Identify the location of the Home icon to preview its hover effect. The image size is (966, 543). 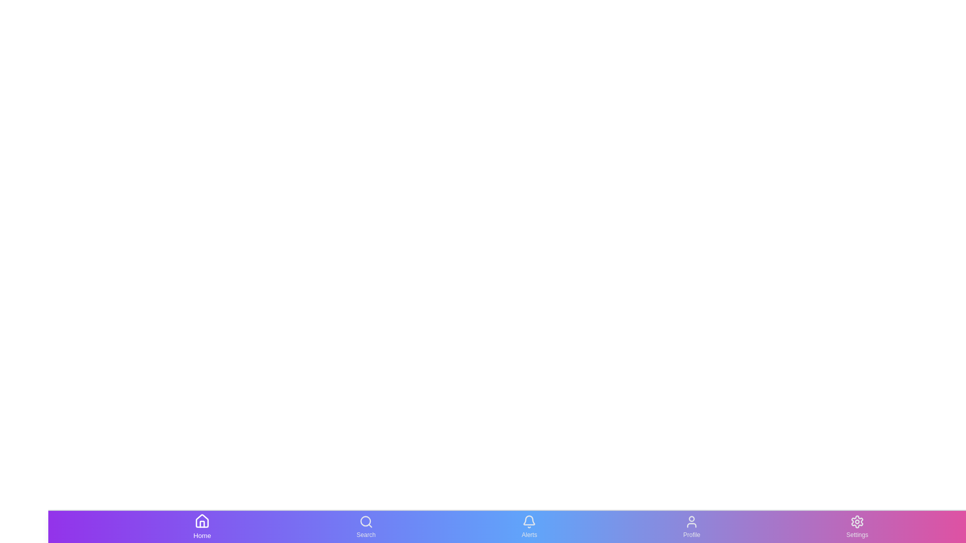
(202, 526).